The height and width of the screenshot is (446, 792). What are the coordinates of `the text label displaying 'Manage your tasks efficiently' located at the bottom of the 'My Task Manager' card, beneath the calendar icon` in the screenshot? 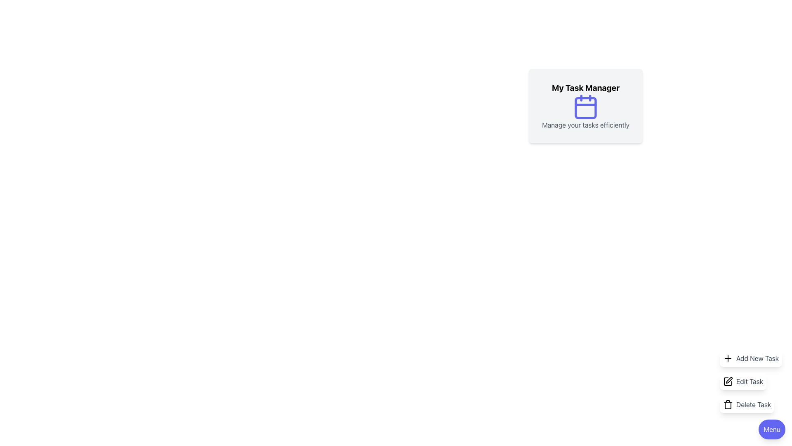 It's located at (585, 125).